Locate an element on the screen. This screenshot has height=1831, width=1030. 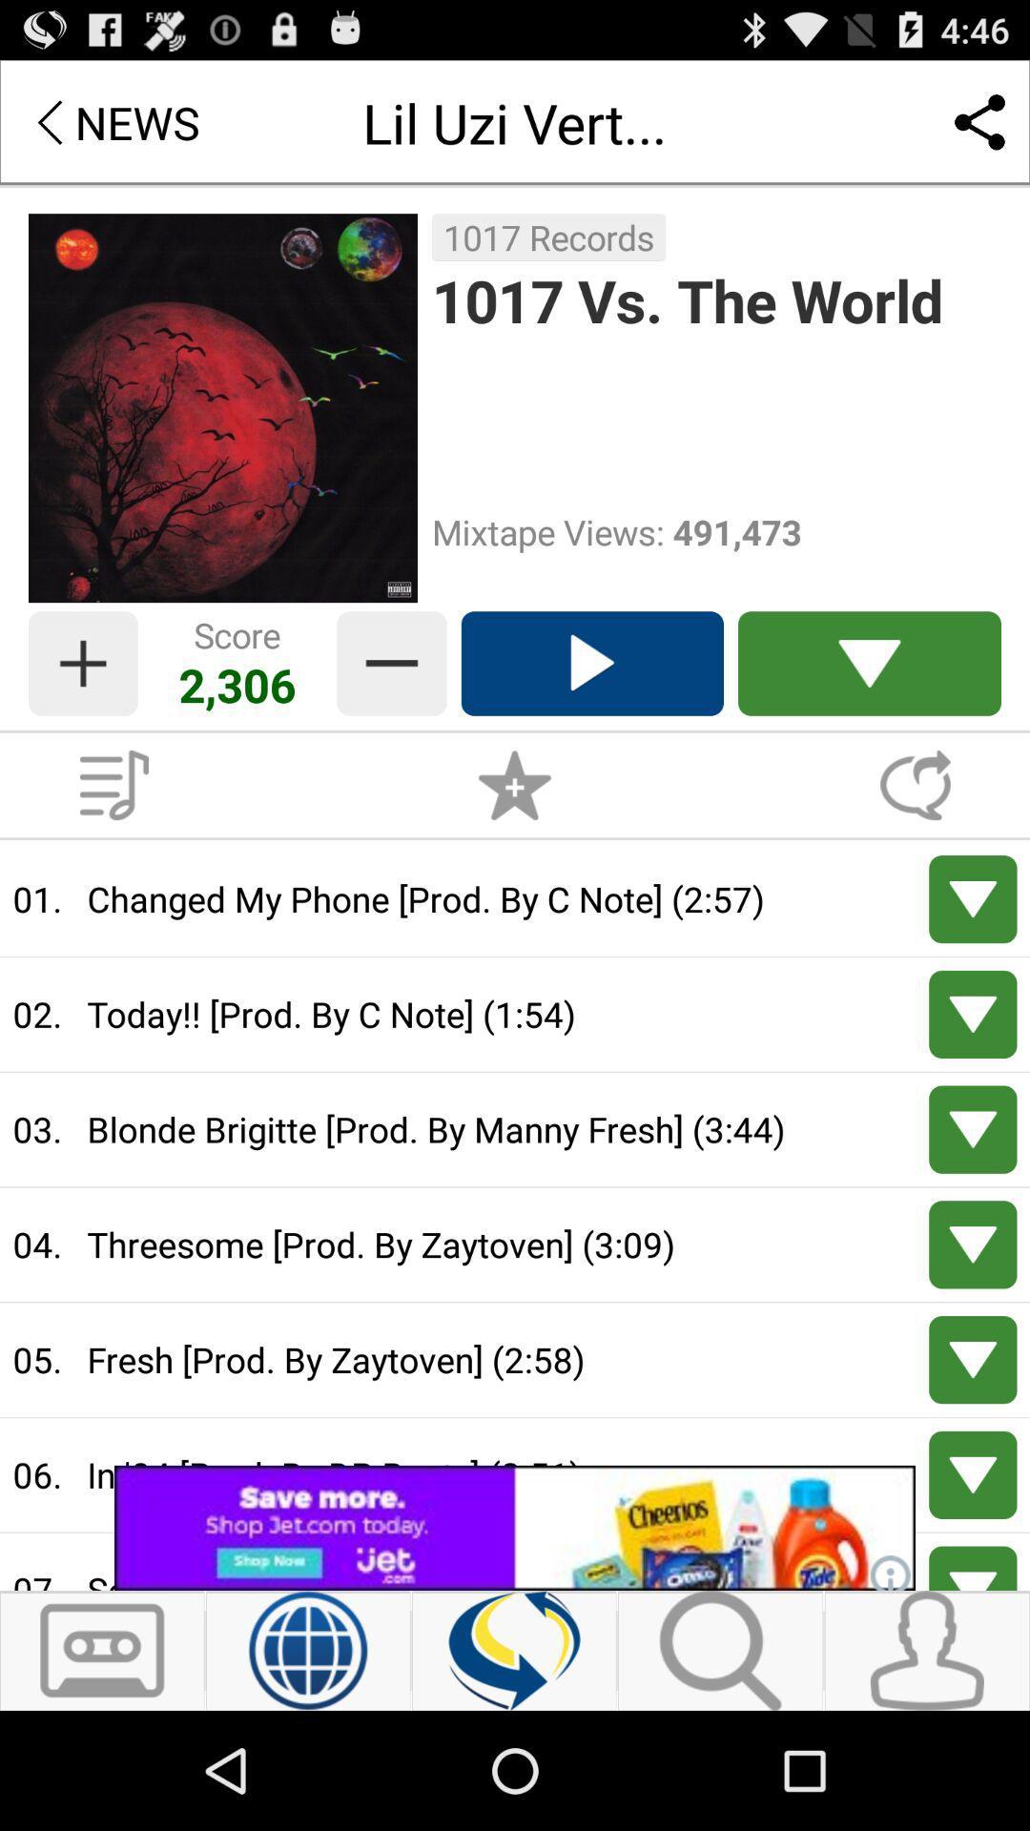
the music is located at coordinates (113, 785).